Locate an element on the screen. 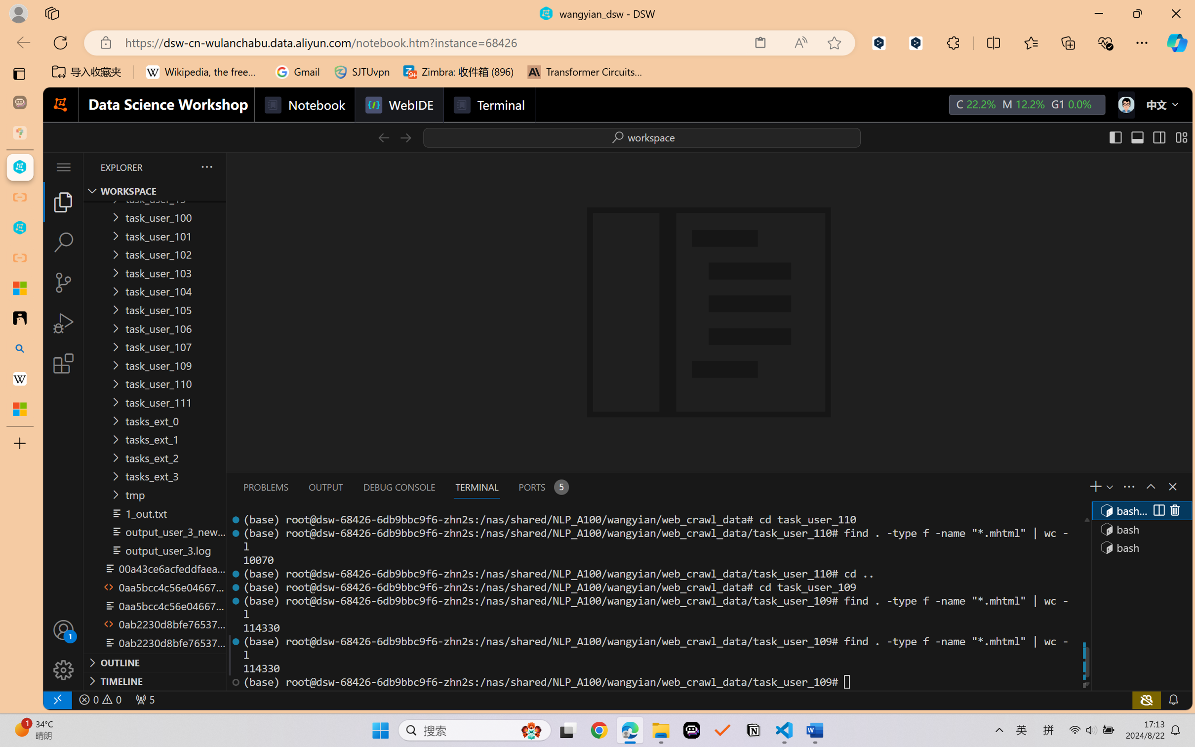  'Accounts - Sign in requested' is located at coordinates (63, 629).